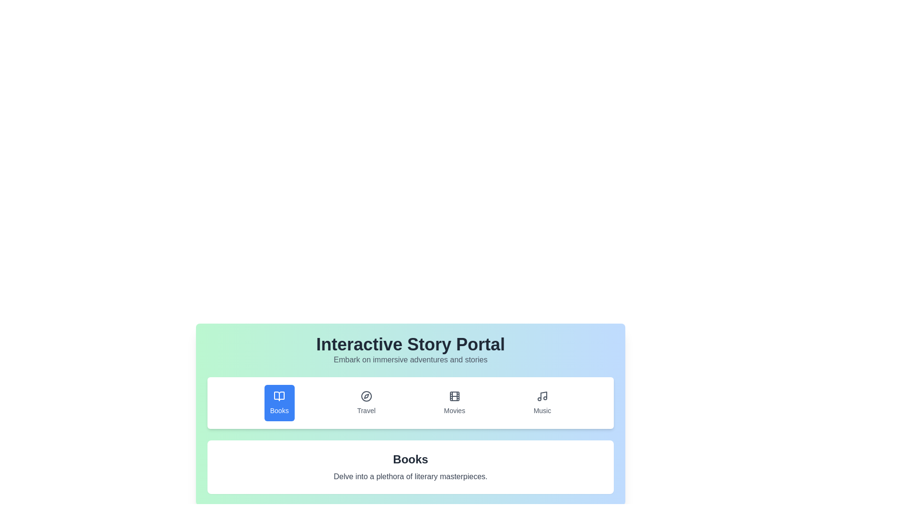 Image resolution: width=920 pixels, height=517 pixels. What do you see at coordinates (411, 345) in the screenshot?
I see `the prominently styled heading text 'Interactive Story Portal', which is centered at the top of the interface and has a bold, large font in dark gray on a light background` at bounding box center [411, 345].